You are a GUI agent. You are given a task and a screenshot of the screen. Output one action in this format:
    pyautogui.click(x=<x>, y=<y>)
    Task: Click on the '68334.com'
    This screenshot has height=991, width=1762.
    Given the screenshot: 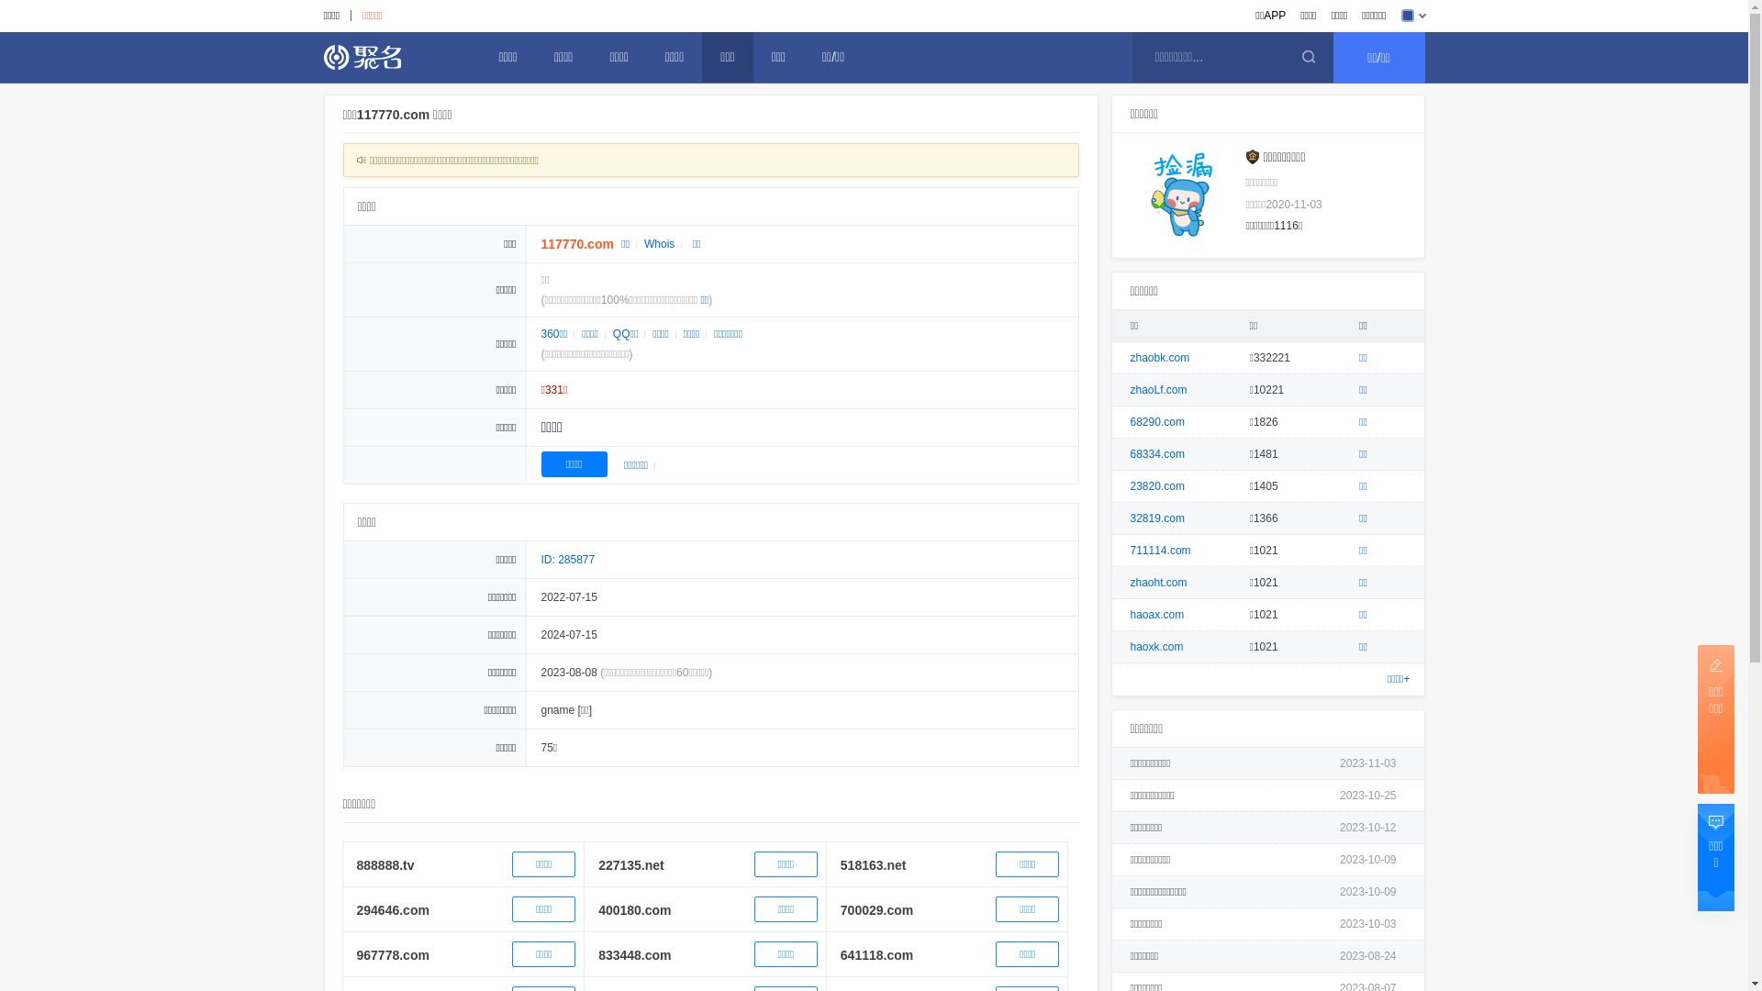 What is the action you would take?
    pyautogui.click(x=1156, y=453)
    